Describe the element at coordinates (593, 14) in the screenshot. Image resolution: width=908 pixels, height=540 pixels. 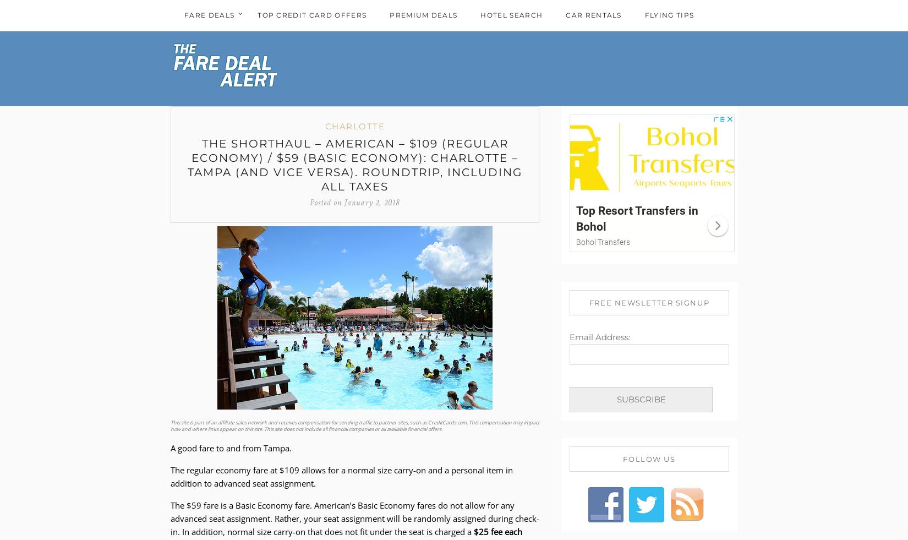
I see `'Car Rentals'` at that location.